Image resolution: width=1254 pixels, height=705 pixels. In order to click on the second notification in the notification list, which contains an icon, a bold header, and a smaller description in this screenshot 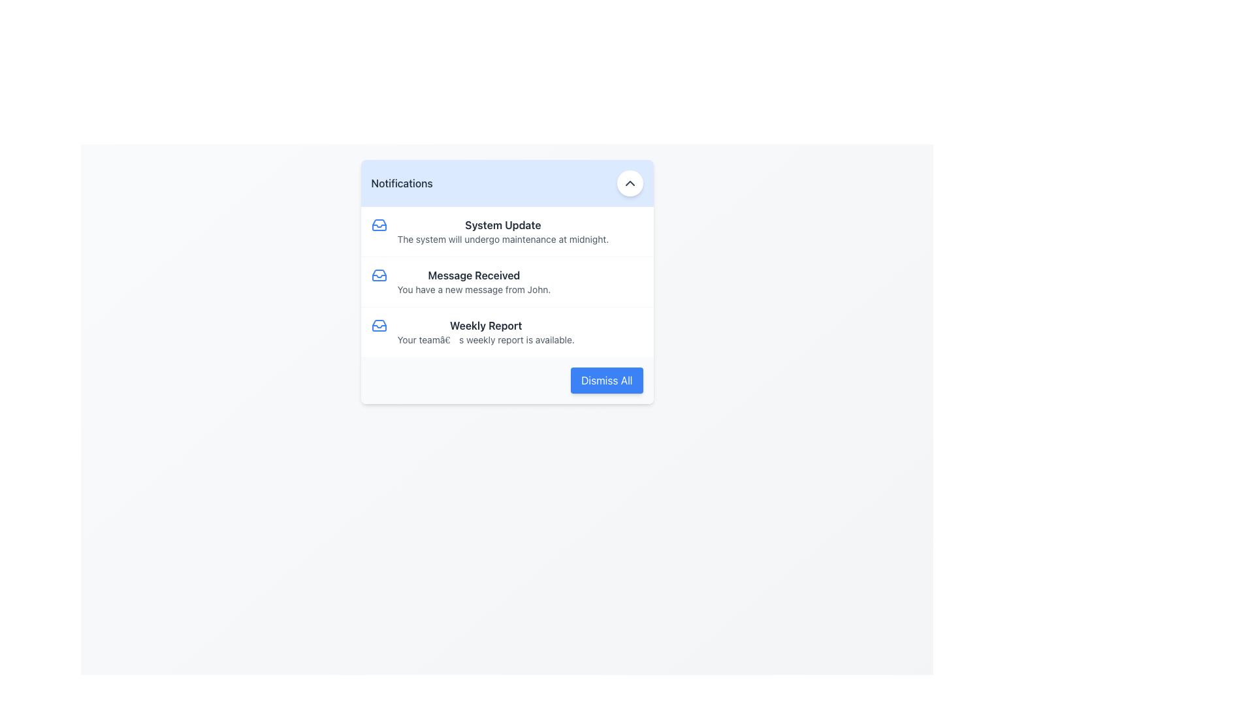, I will do `click(506, 281)`.